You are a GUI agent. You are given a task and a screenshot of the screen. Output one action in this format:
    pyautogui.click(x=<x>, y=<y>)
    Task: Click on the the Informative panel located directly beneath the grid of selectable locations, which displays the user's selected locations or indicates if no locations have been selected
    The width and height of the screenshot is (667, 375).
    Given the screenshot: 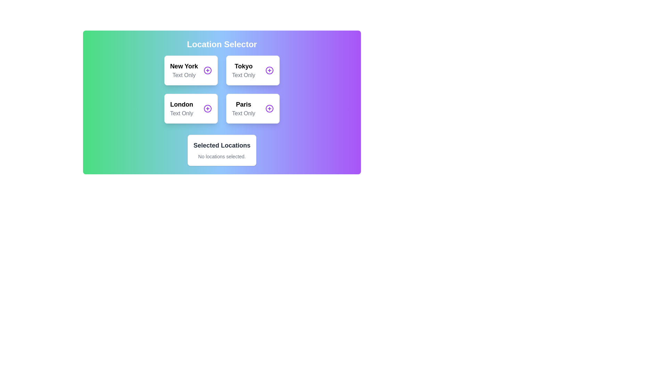 What is the action you would take?
    pyautogui.click(x=221, y=150)
    